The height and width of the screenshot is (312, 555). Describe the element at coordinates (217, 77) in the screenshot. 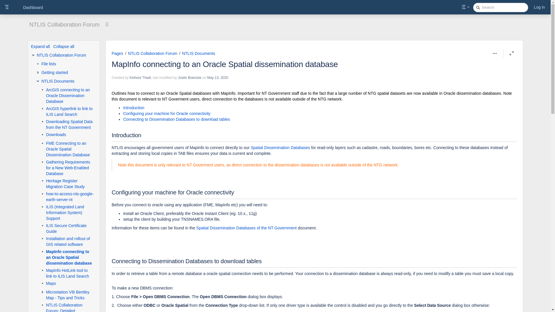

I see `'May 13, 2020'` at that location.